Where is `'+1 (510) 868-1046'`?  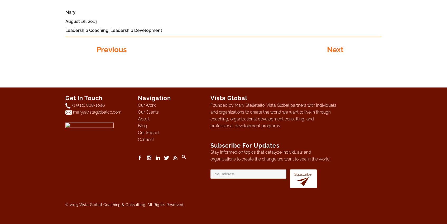
'+1 (510) 868-1046' is located at coordinates (88, 105).